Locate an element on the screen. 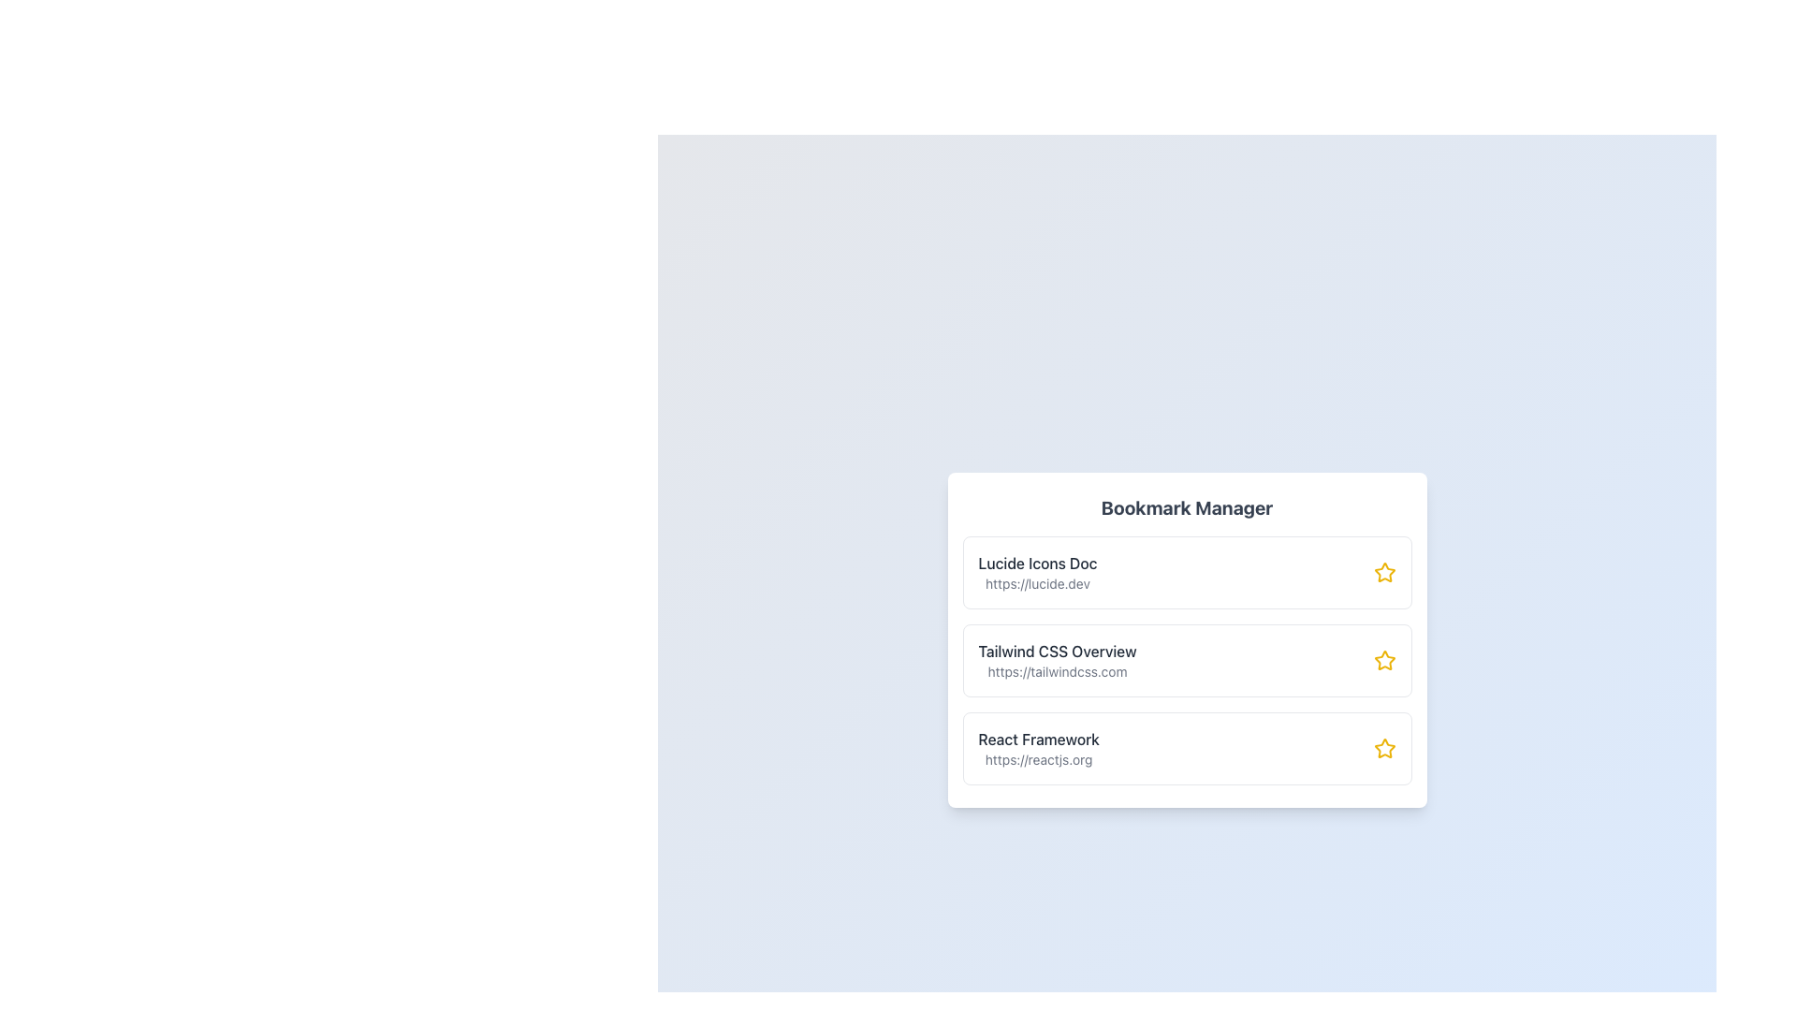 The width and height of the screenshot is (1797, 1011). the third star-shaped icon with a yellow border, located to the right of the 'React Framework' bookmark entry is located at coordinates (1384, 747).